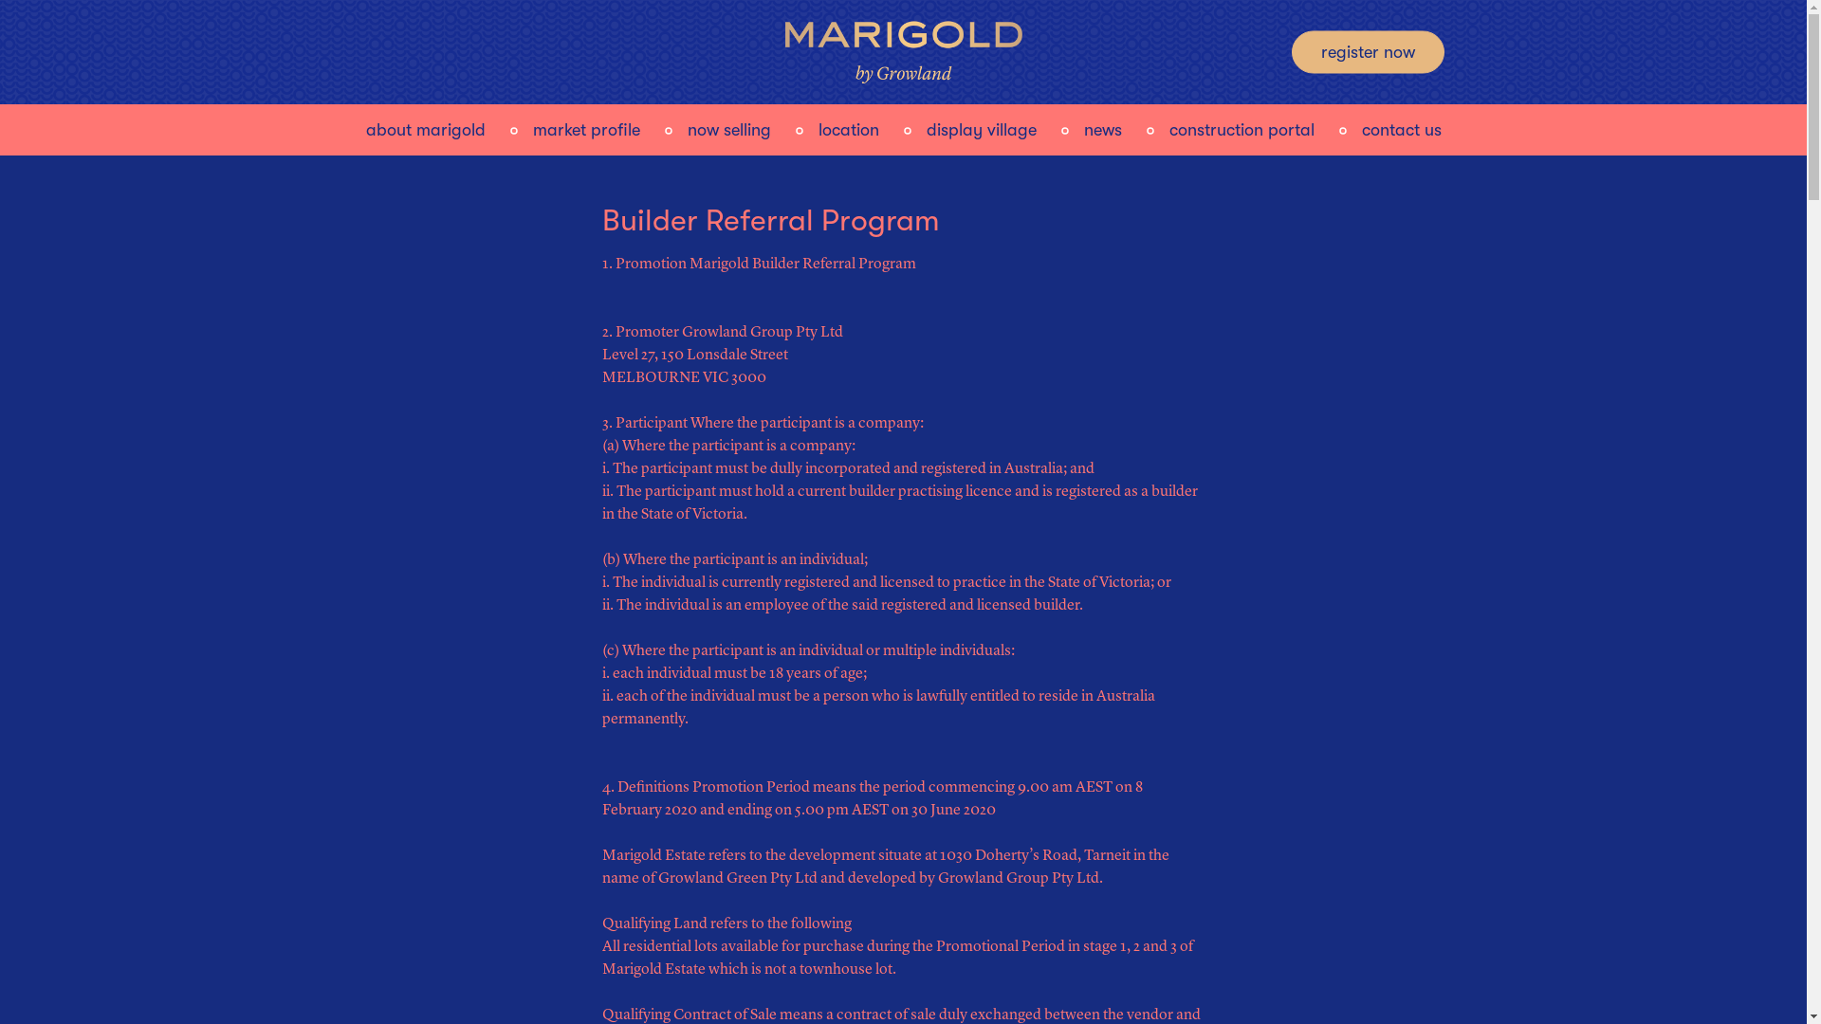 This screenshot has height=1024, width=1821. Describe the element at coordinates (686, 126) in the screenshot. I see `'now selling'` at that location.